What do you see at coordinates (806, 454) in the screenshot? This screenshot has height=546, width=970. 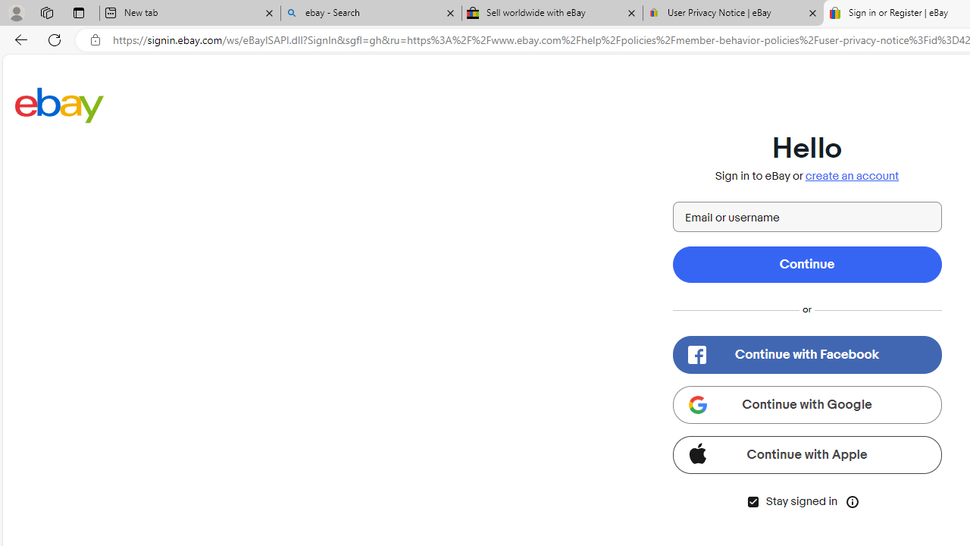 I see `'Continue with Apple'` at bounding box center [806, 454].